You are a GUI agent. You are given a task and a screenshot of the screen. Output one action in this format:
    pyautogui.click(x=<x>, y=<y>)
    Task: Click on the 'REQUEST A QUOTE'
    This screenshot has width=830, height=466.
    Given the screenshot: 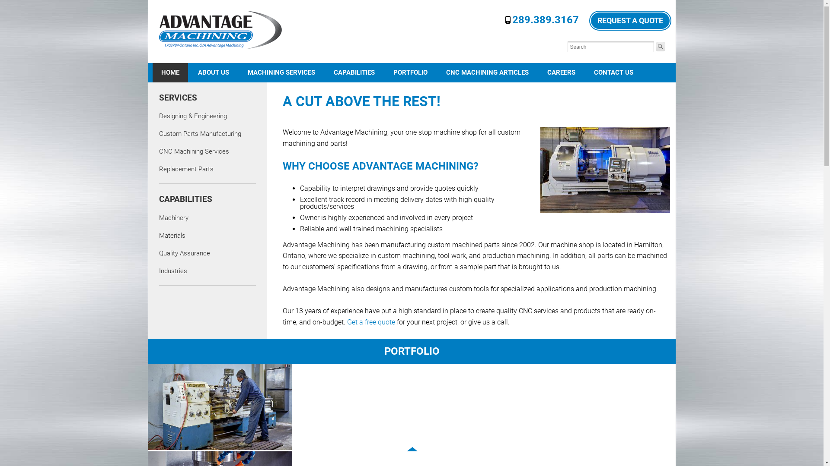 What is the action you would take?
    pyautogui.click(x=630, y=20)
    